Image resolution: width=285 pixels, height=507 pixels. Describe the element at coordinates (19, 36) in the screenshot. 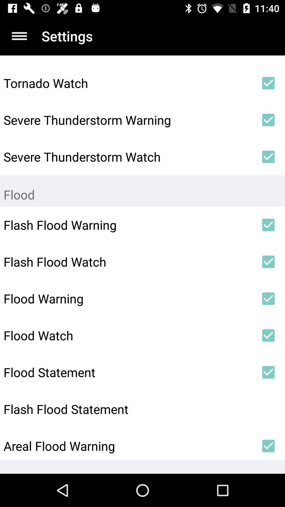

I see `configuration button` at that location.